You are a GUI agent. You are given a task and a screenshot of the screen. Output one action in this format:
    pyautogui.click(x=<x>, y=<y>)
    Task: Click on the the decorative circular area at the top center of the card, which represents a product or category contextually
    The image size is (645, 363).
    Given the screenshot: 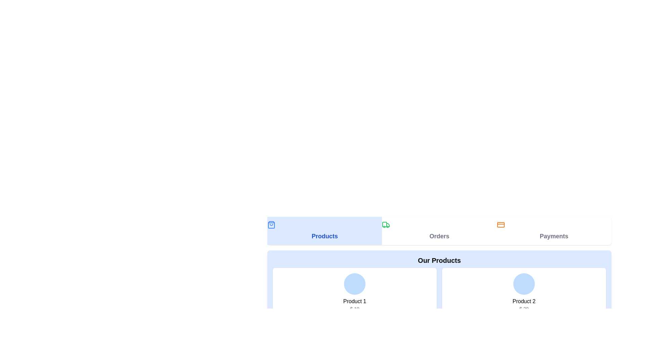 What is the action you would take?
    pyautogui.click(x=524, y=284)
    